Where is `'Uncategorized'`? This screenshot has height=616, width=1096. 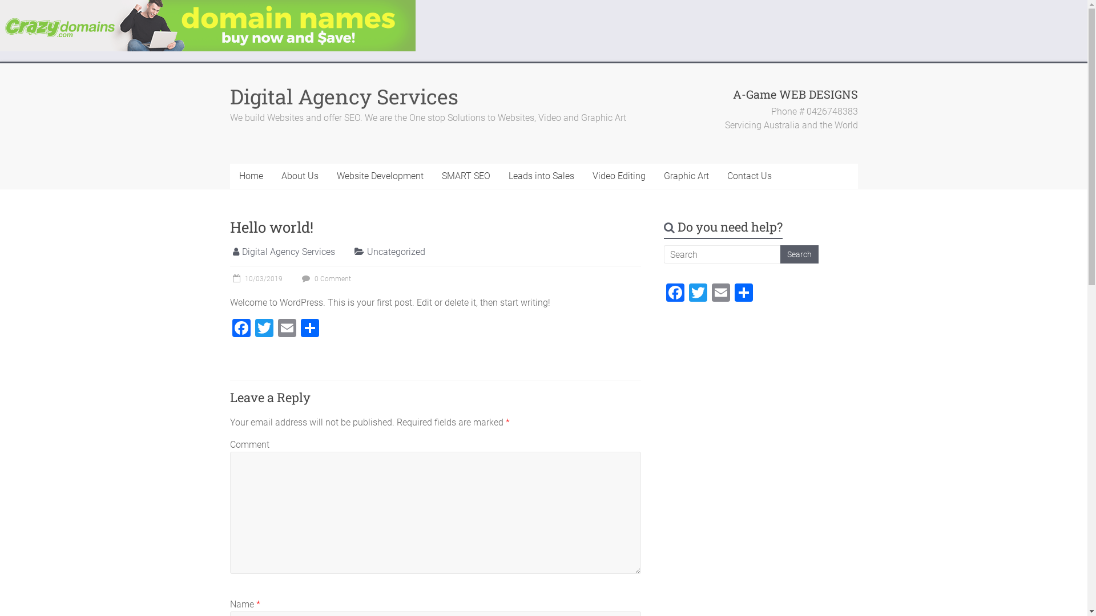
'Uncategorized' is located at coordinates (395, 251).